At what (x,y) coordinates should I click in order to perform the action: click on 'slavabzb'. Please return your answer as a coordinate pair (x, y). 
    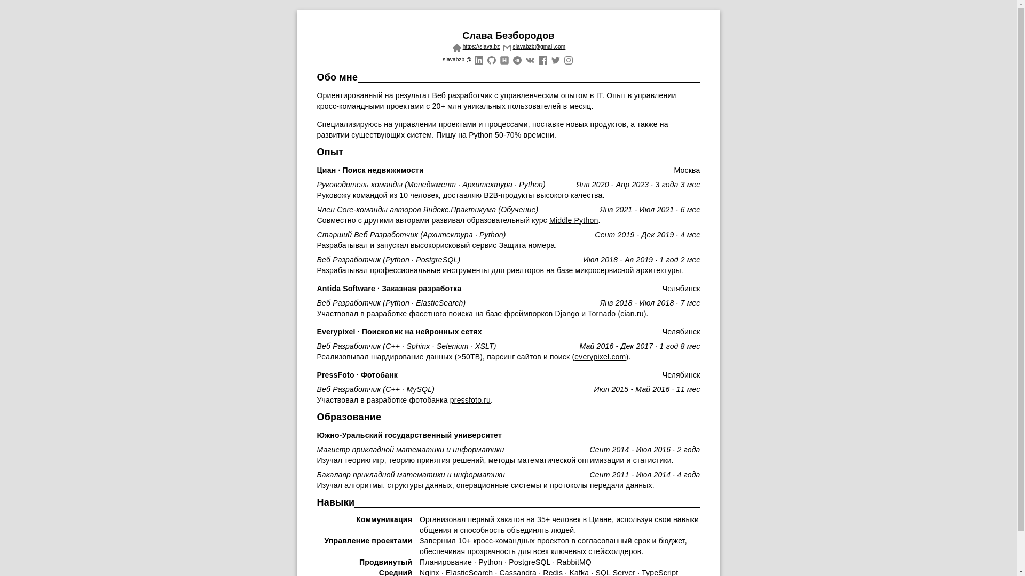
    Looking at the image, I should click on (503, 59).